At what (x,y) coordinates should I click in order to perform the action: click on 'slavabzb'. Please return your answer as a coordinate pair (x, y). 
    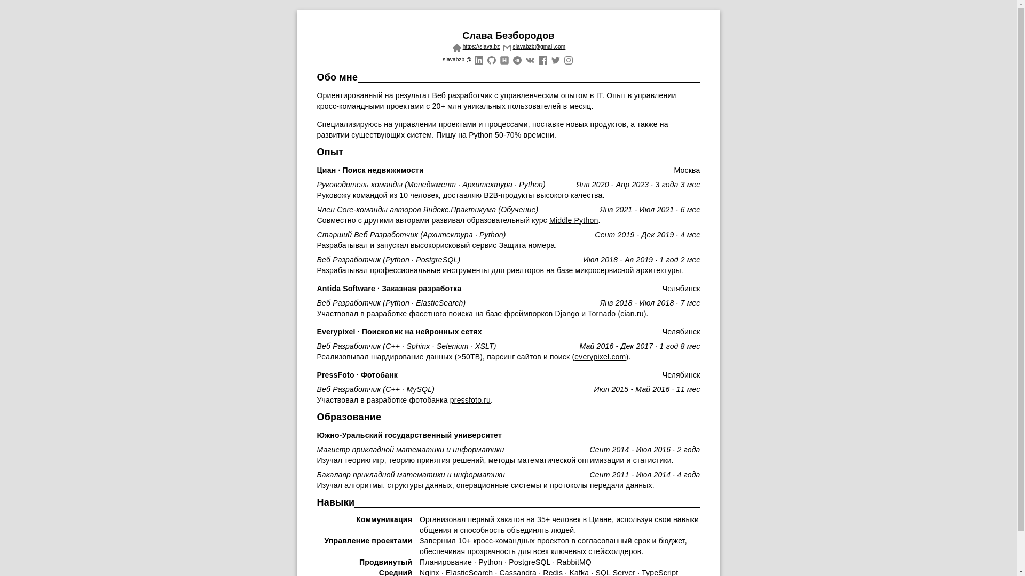
    Looking at the image, I should click on (503, 59).